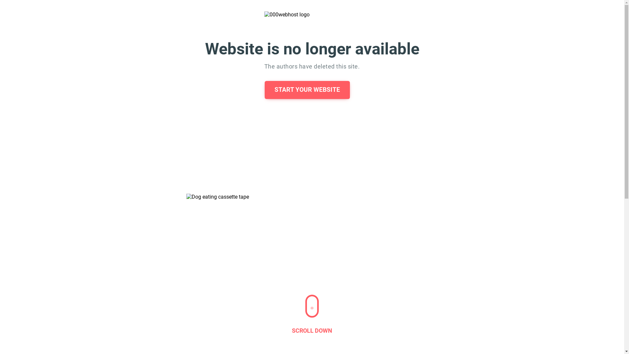 The height and width of the screenshot is (354, 629). What do you see at coordinates (264, 90) in the screenshot?
I see `'START YOUR WEBSITE'` at bounding box center [264, 90].